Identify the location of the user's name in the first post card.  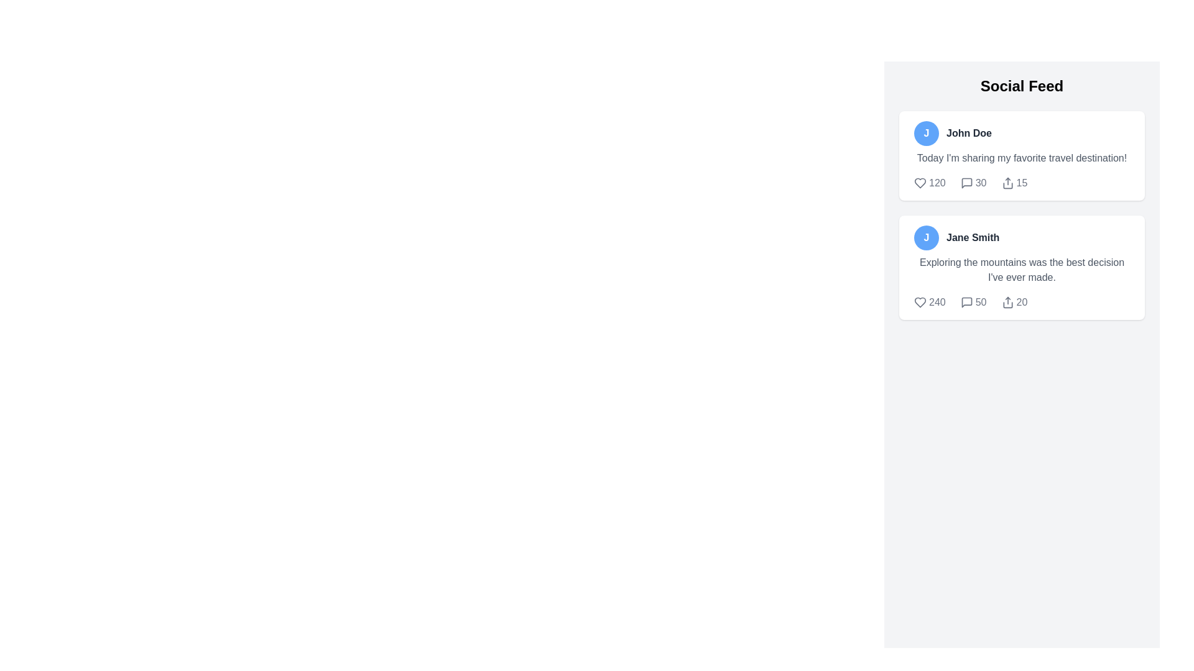
(968, 134).